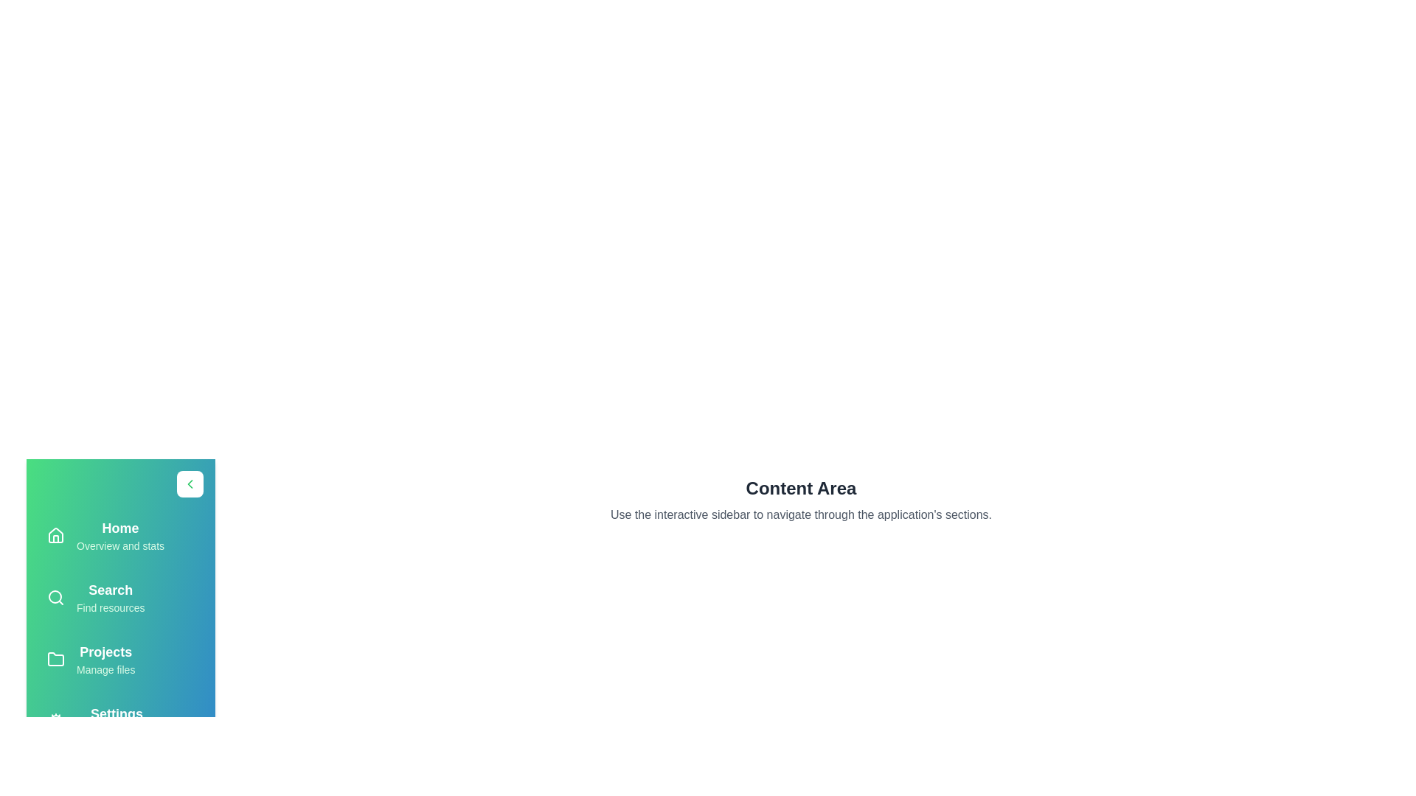  I want to click on the menu item Projects to highlight it, so click(120, 658).